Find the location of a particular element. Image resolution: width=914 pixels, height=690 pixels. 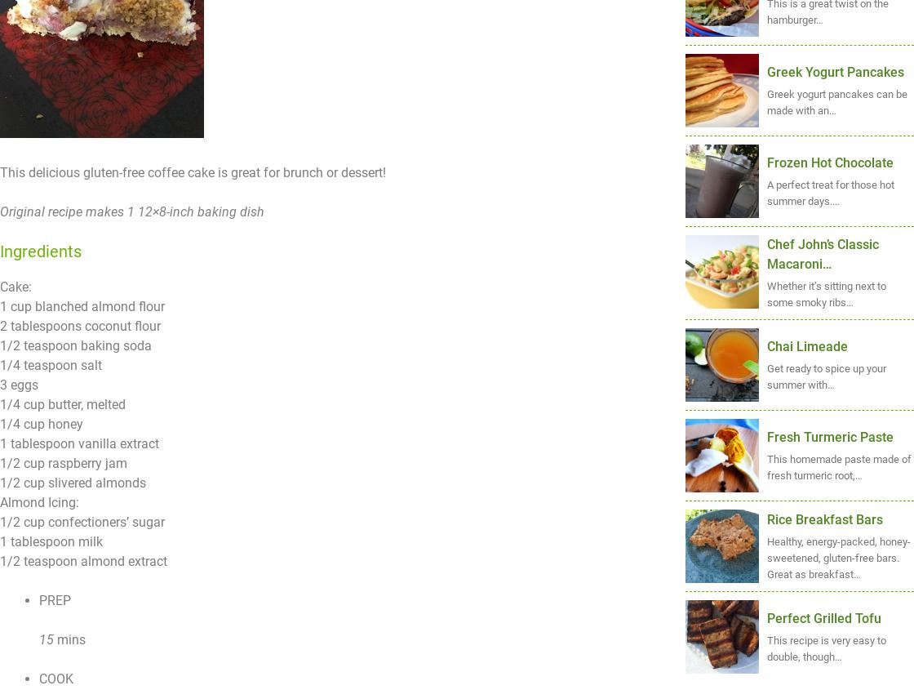

'15' is located at coordinates (47, 639).